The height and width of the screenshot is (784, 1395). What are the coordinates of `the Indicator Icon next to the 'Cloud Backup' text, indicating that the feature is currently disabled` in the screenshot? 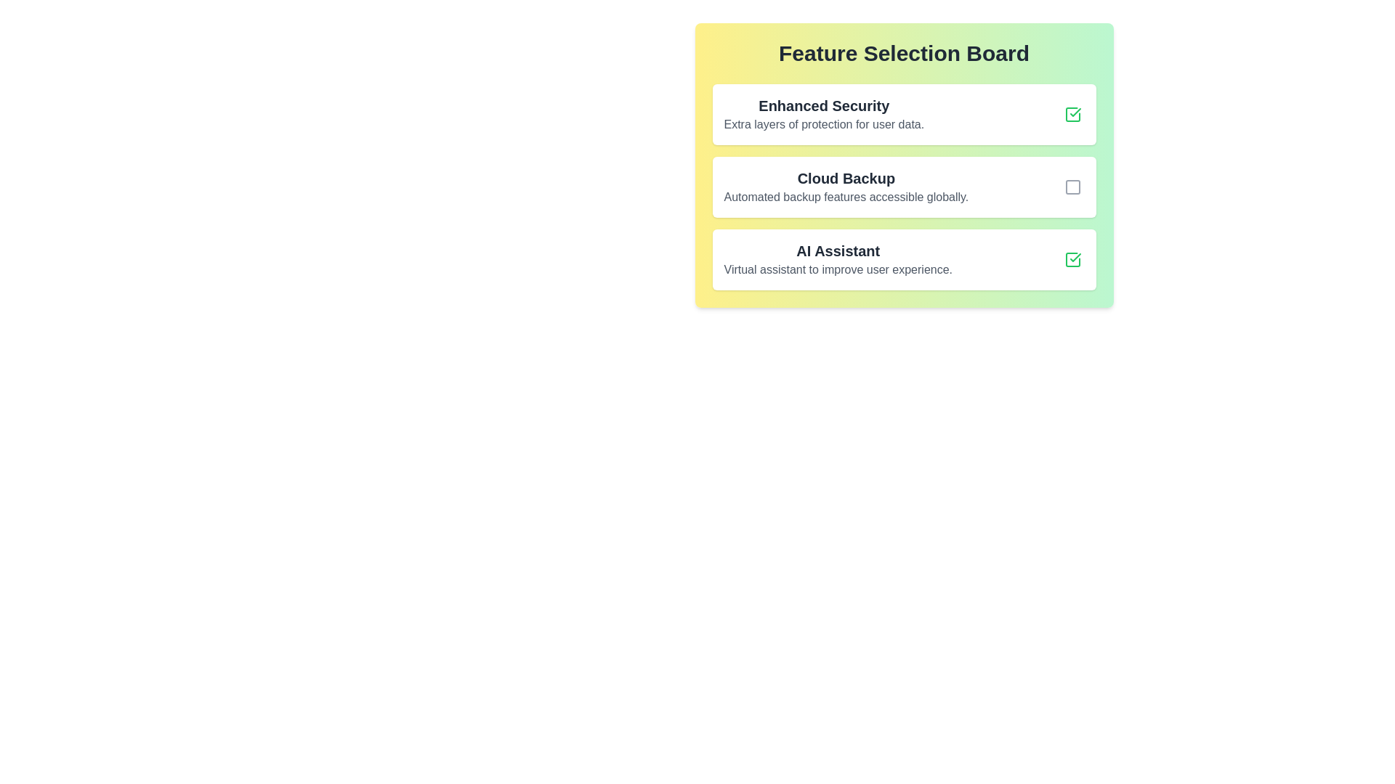 It's located at (1072, 187).